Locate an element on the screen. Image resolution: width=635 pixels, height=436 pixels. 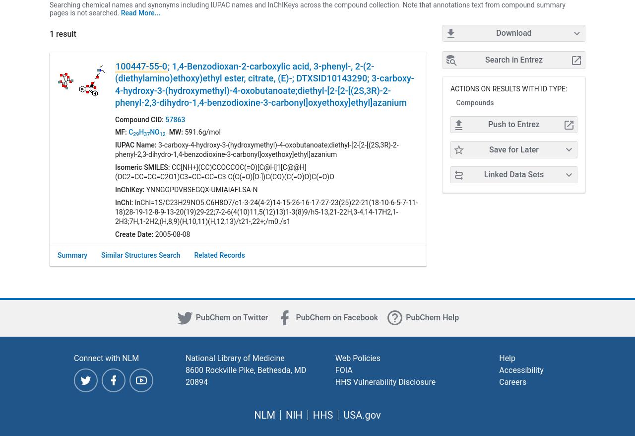
'Searching chemical names and synonyms including IUPAC names and InChIKeys across the compound collection. Note that annotations text from compound summary pages is not searched.' is located at coordinates (307, 8).